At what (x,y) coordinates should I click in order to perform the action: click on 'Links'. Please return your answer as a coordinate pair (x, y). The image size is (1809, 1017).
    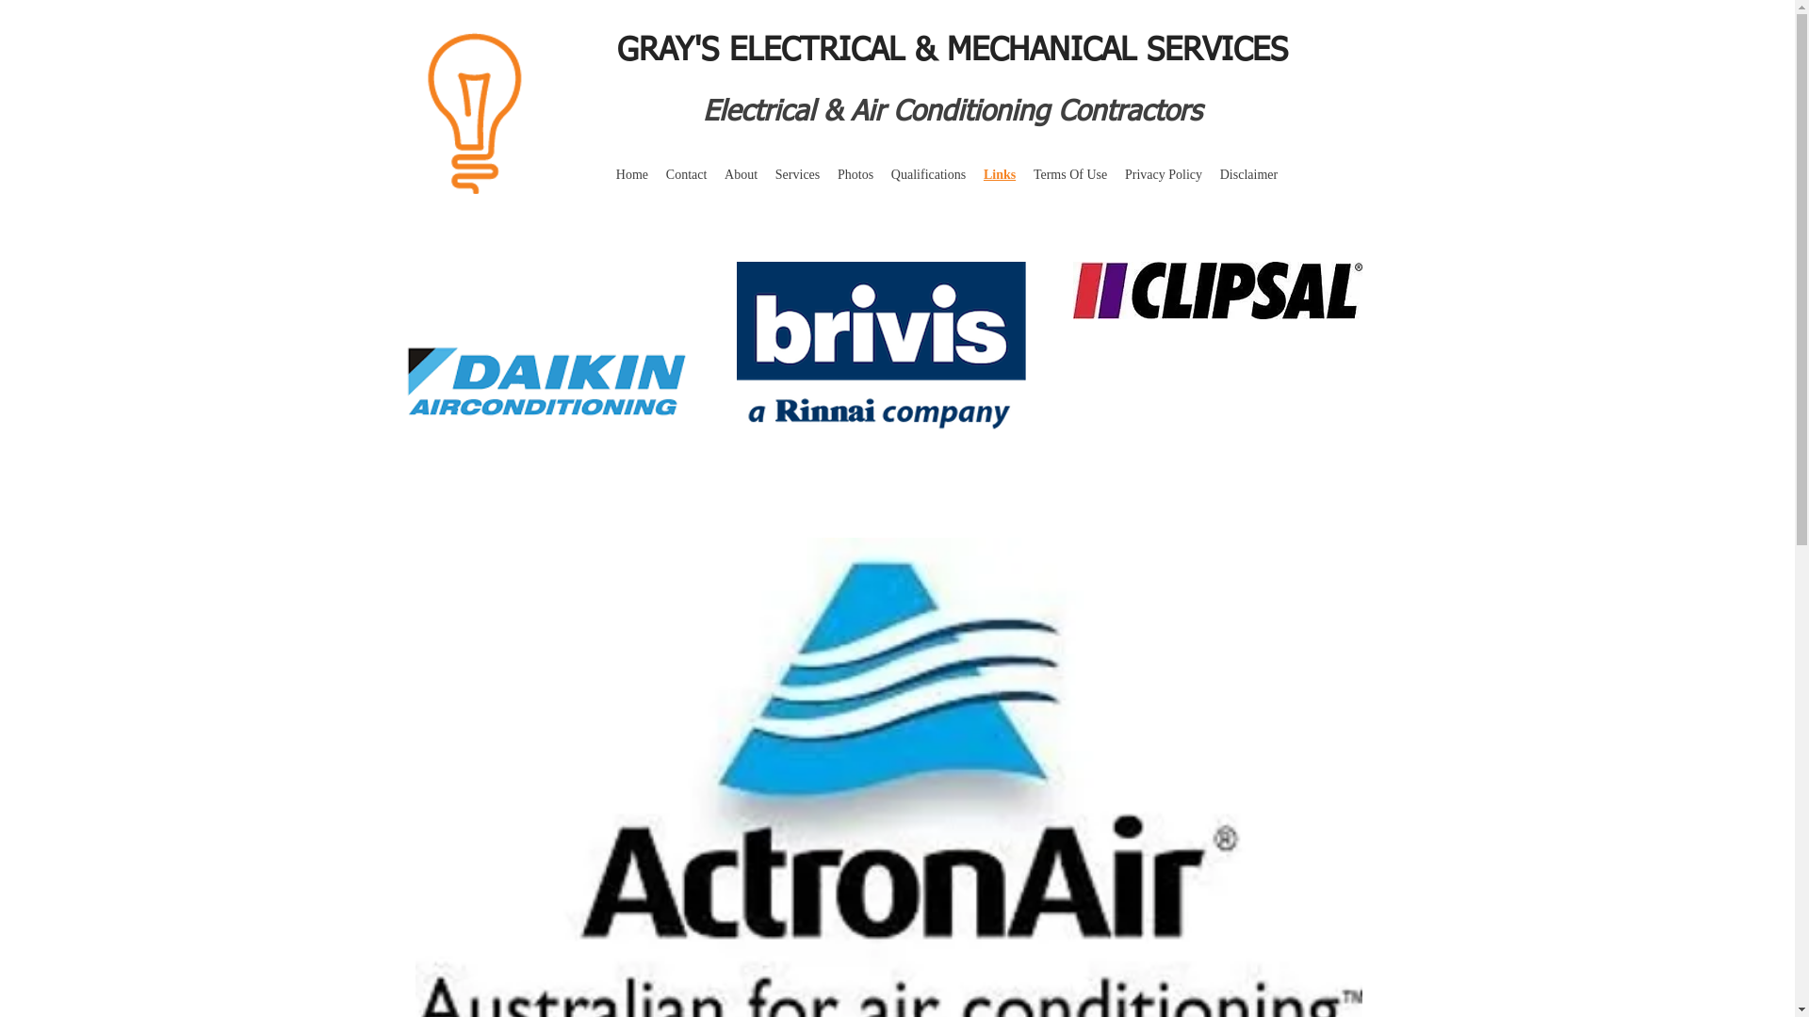
    Looking at the image, I should click on (999, 174).